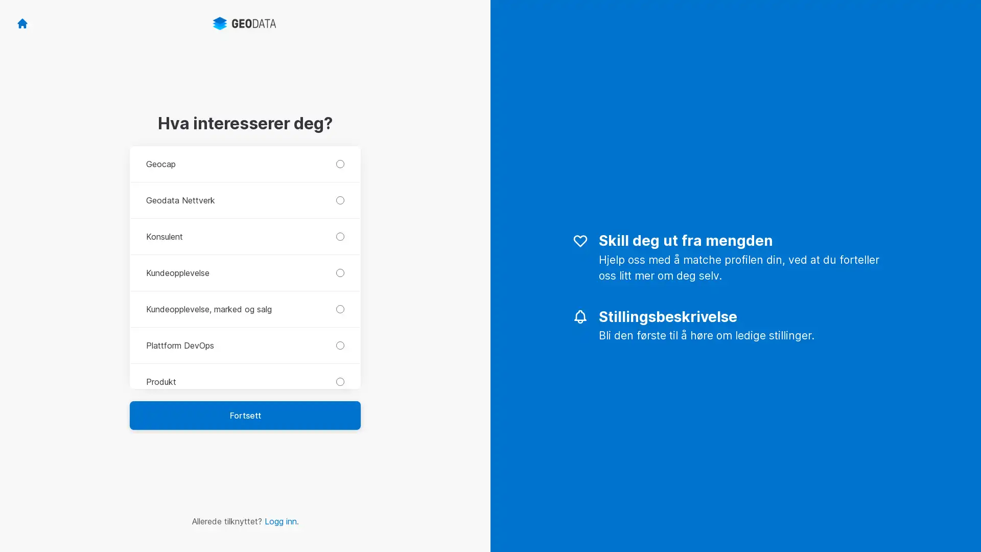 Image resolution: width=981 pixels, height=552 pixels. I want to click on Preferanser for informasjonskapsler, so click(866, 496).